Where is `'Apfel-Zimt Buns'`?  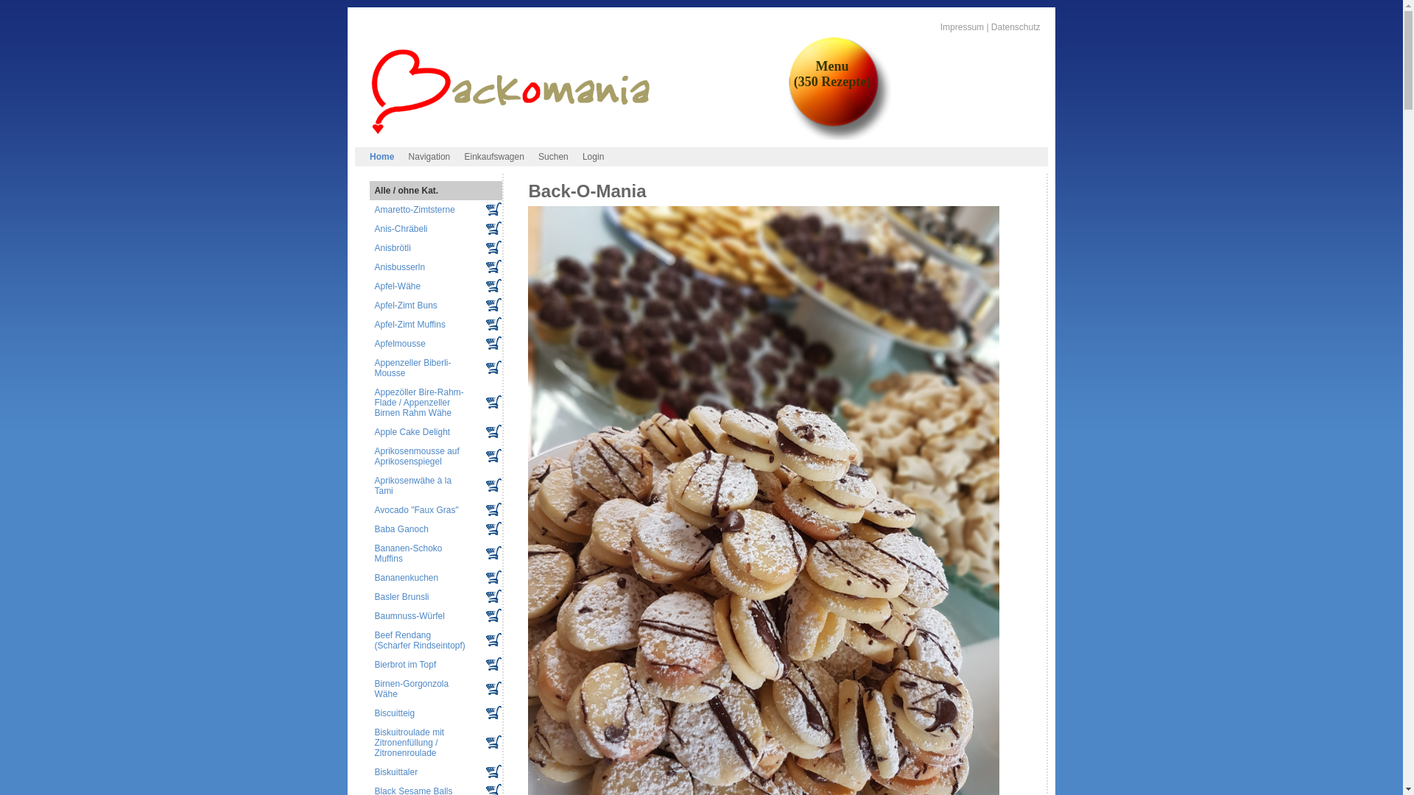
'Apfel-Zimt Buns' is located at coordinates (405, 305).